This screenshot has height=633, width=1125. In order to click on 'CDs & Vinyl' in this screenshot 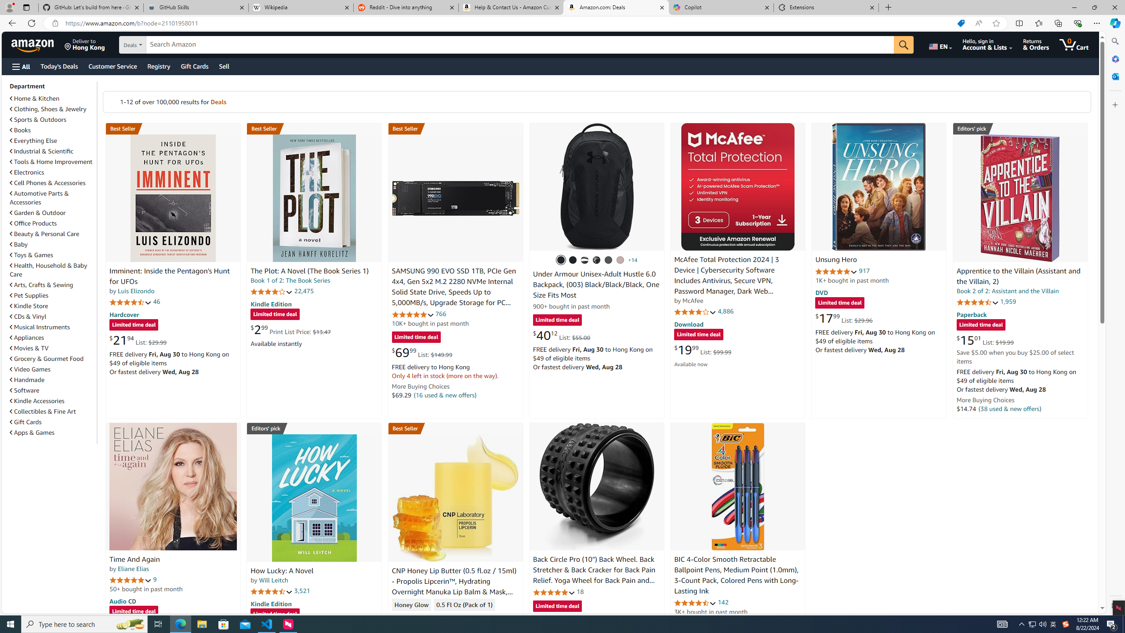, I will do `click(52, 316)`.